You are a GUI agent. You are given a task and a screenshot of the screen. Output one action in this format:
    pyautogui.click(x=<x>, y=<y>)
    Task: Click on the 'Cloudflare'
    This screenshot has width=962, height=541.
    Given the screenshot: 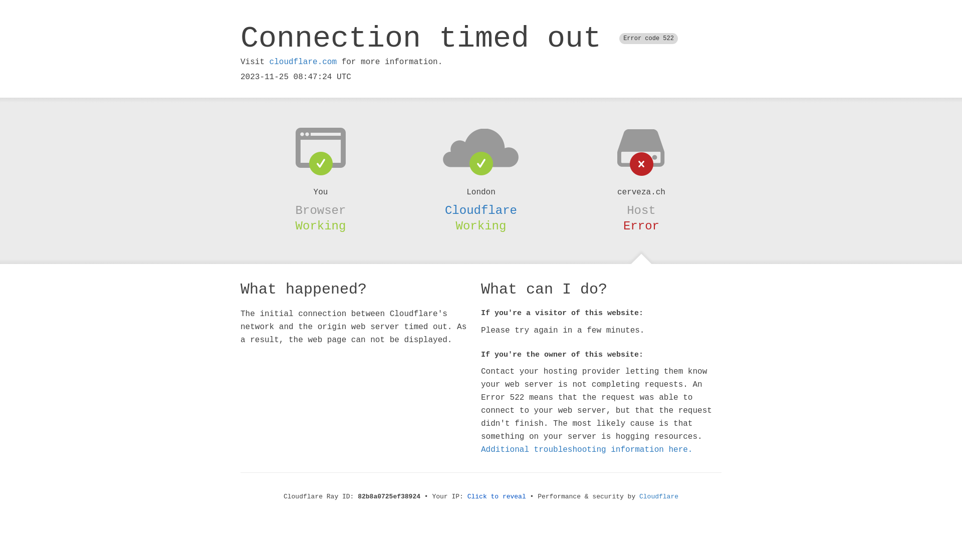 What is the action you would take?
    pyautogui.click(x=659, y=496)
    